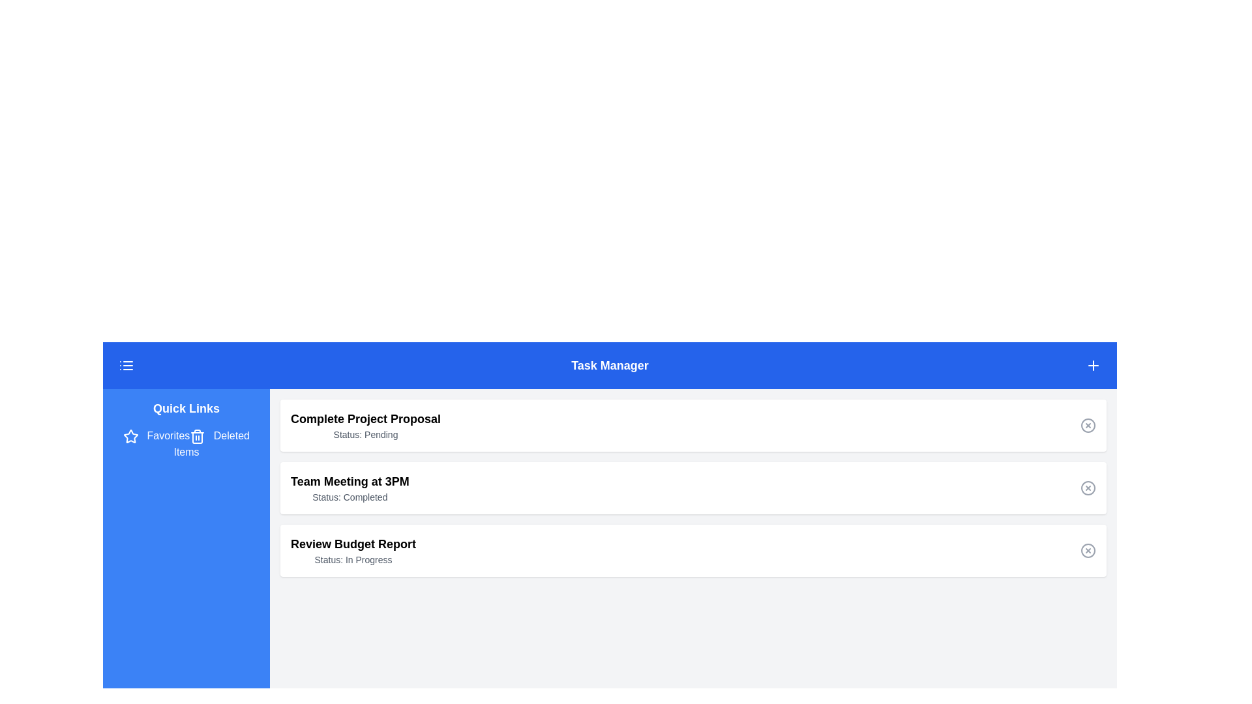  What do you see at coordinates (126, 365) in the screenshot?
I see `the small square button with a blue background and a white icon resembling a list of lines located at the far left side of the top bar in the 'Task Manager' header` at bounding box center [126, 365].